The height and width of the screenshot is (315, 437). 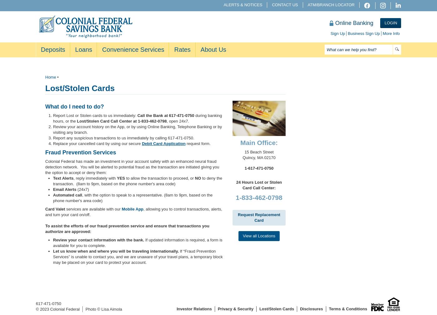 What do you see at coordinates (132, 197) in the screenshot?
I see `', with the option to speak to a representative. (8am to 9pm, based on the phone number's area code)'` at bounding box center [132, 197].